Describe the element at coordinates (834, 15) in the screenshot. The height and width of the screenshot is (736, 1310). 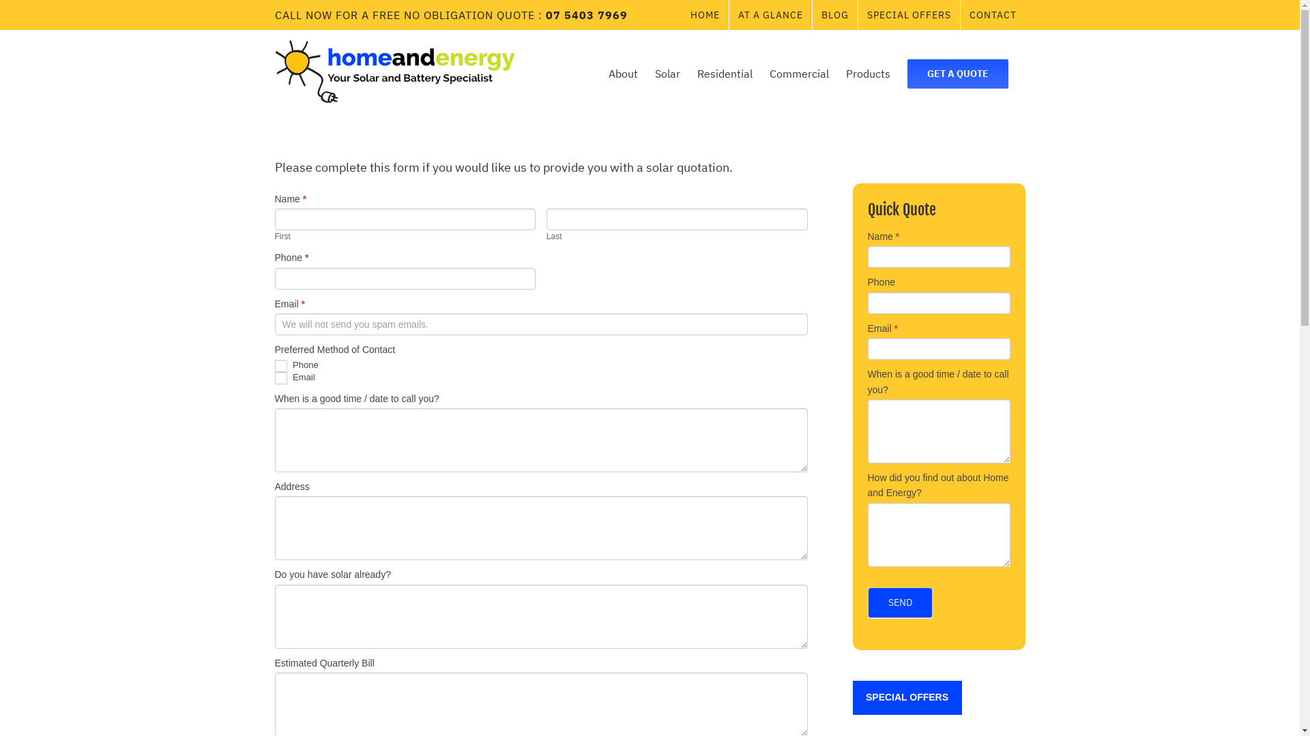
I see `'BLOG'` at that location.